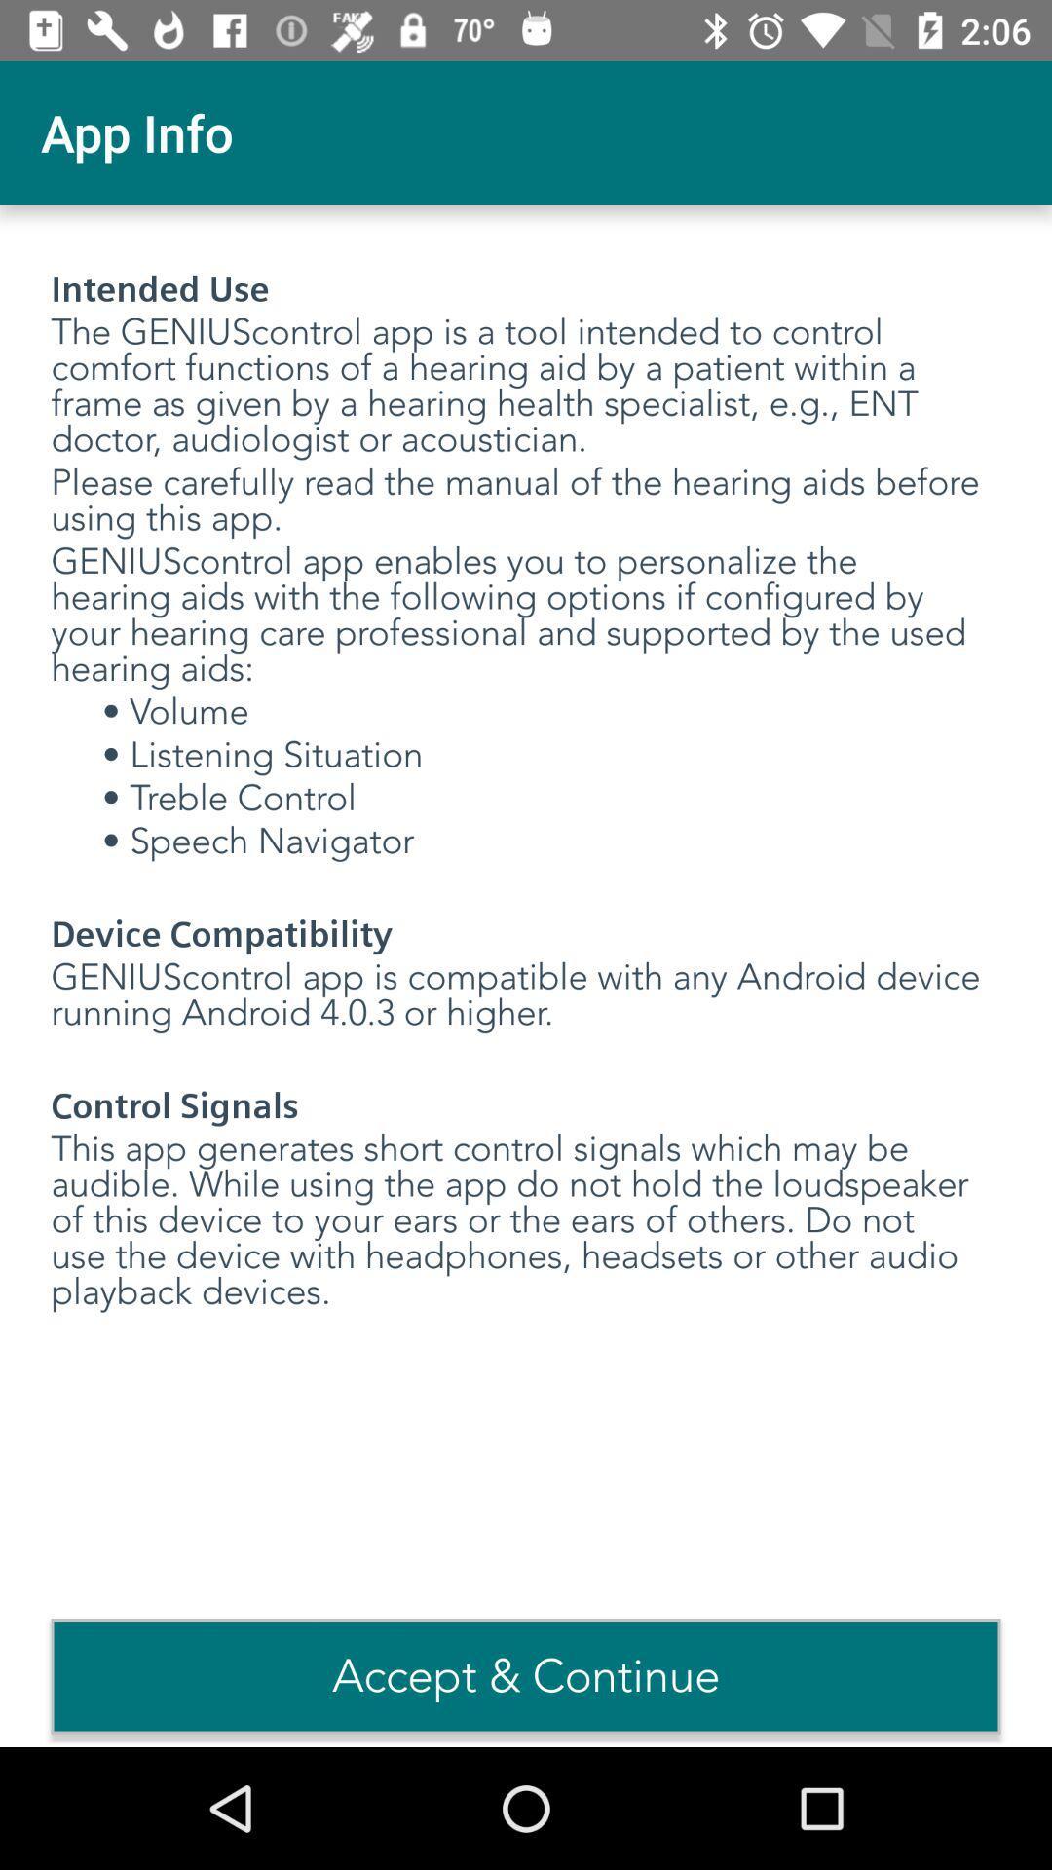 The image size is (1052, 1870). I want to click on the icon below this app generates, so click(526, 1675).